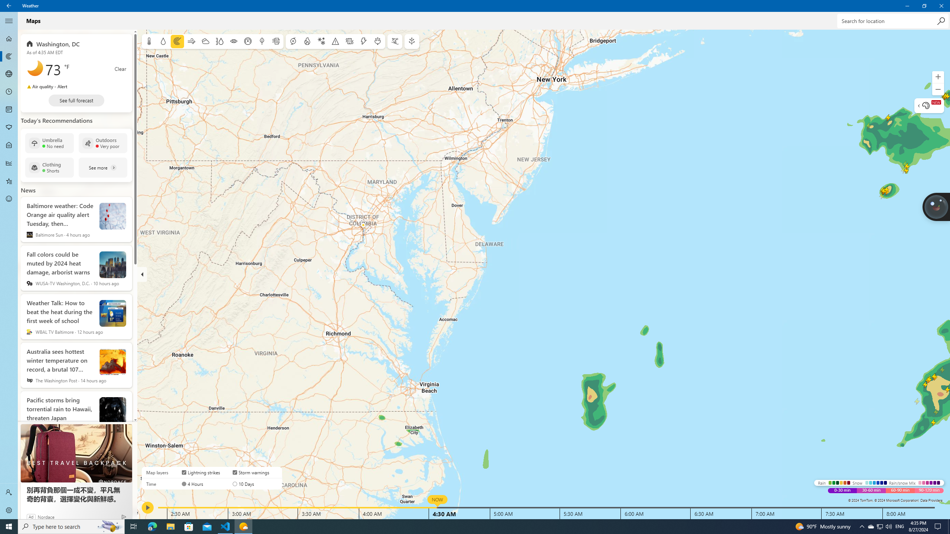  I want to click on 'Historical Weather - Not Selected', so click(9, 162).